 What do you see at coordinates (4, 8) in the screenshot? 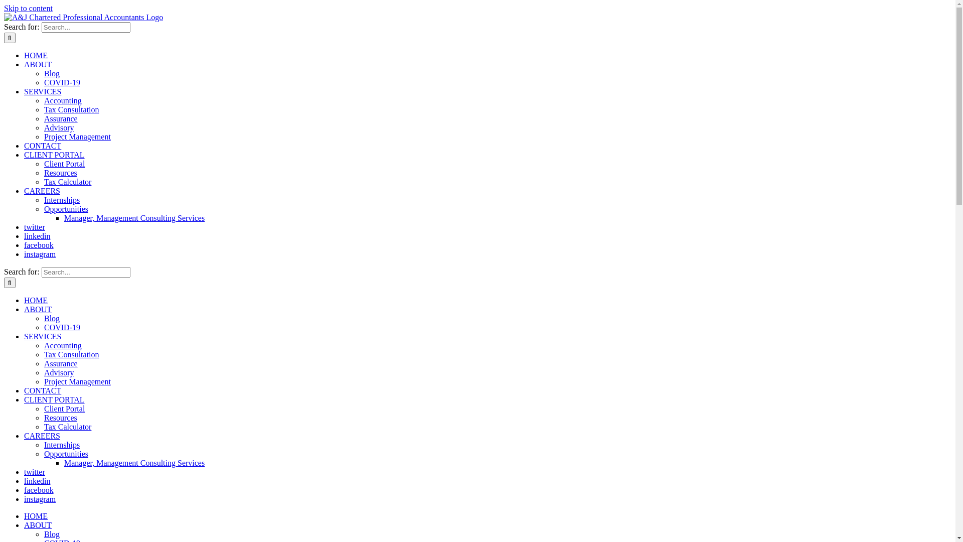
I see `'Skip to content'` at bounding box center [4, 8].